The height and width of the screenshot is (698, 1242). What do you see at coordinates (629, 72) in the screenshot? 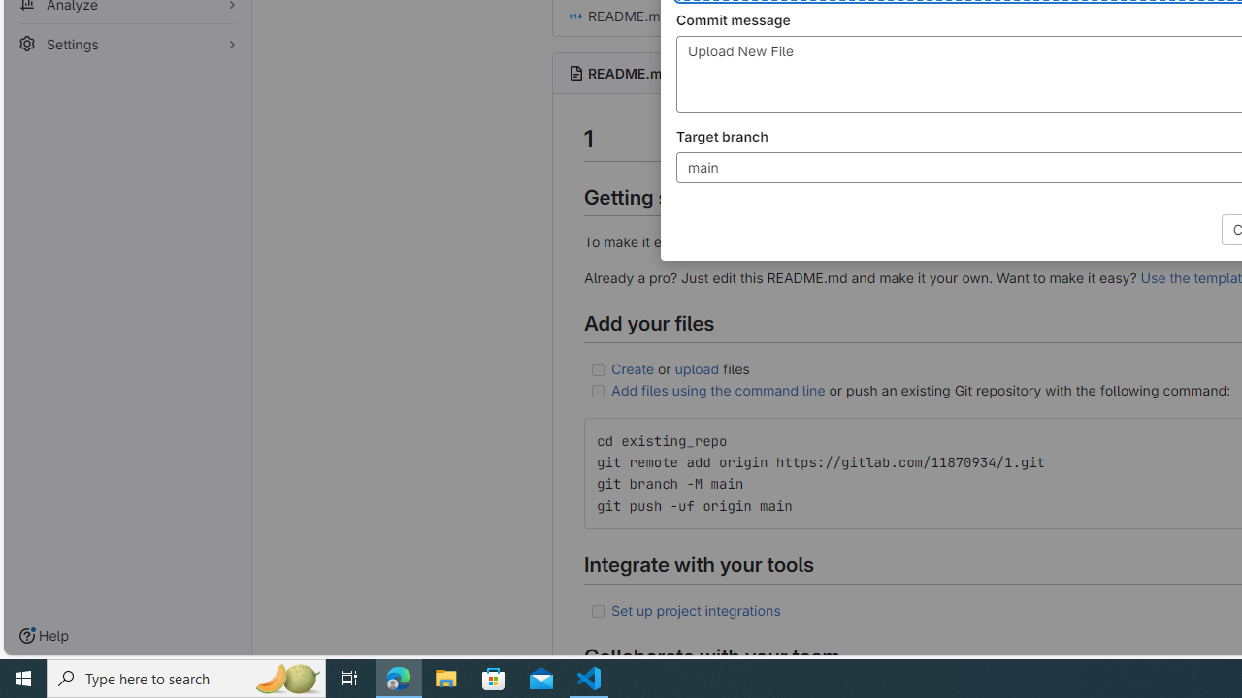
I see `'README.md'` at bounding box center [629, 72].